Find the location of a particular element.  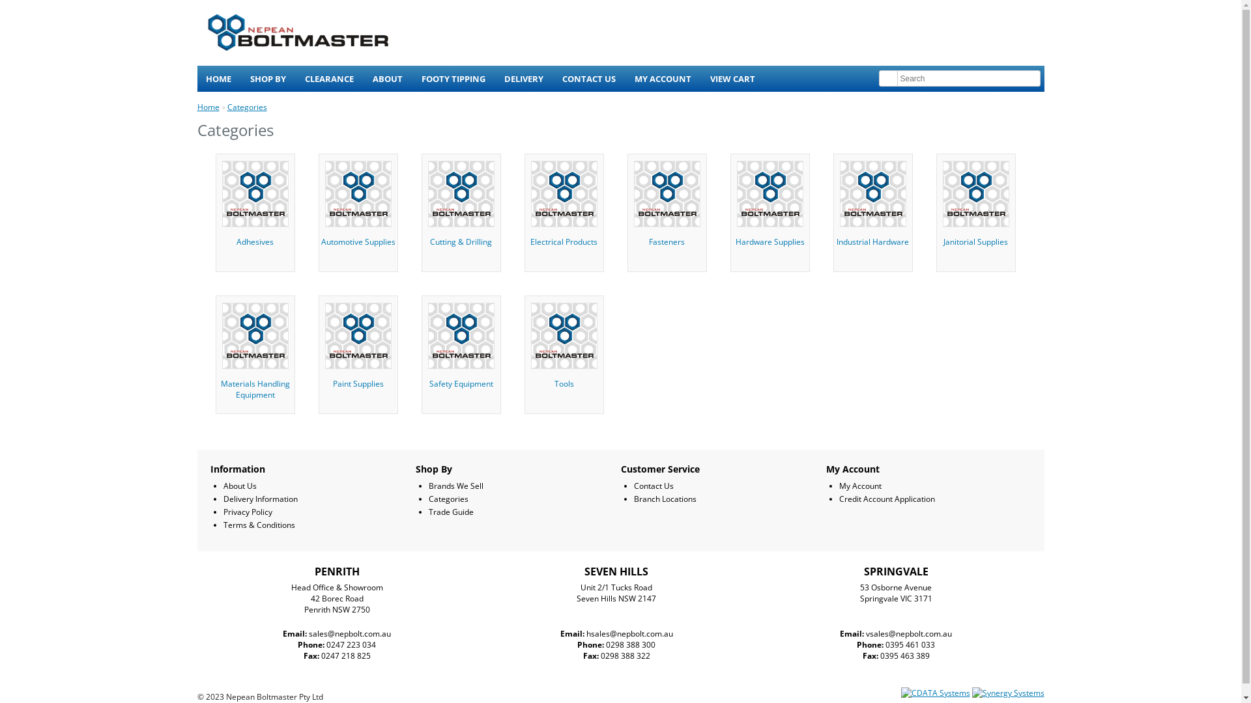

'Terms & Conditions' is located at coordinates (259, 524).